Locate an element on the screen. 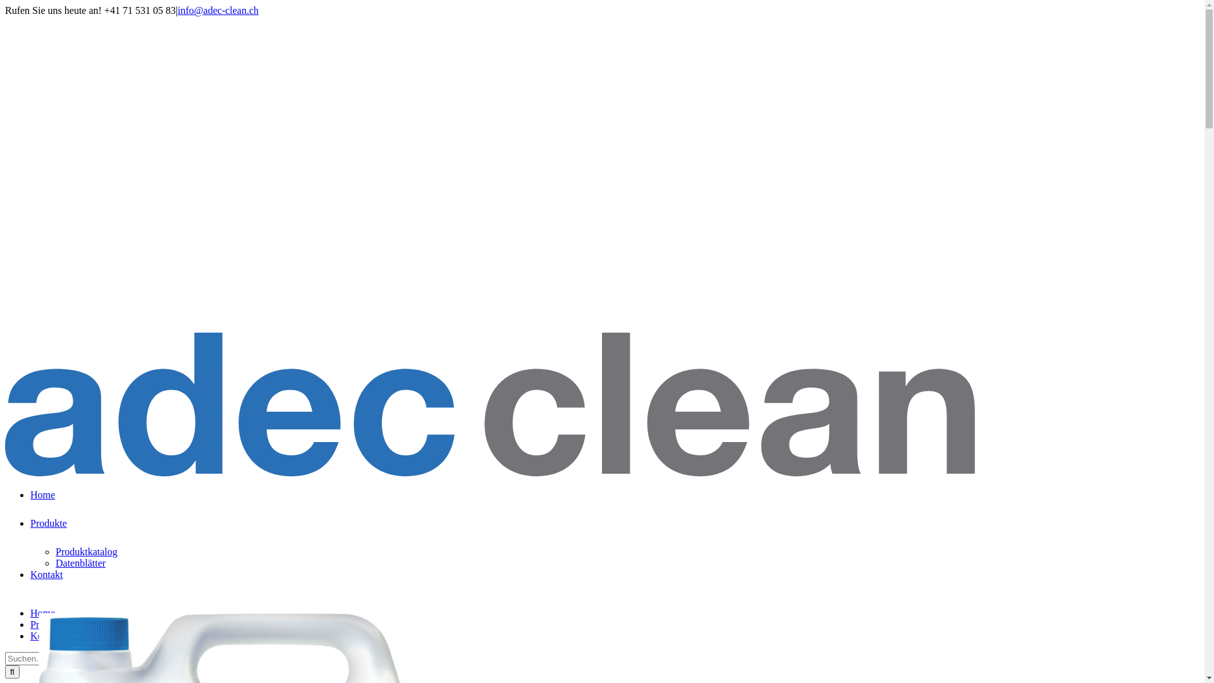  'Produkte' is located at coordinates (48, 624).